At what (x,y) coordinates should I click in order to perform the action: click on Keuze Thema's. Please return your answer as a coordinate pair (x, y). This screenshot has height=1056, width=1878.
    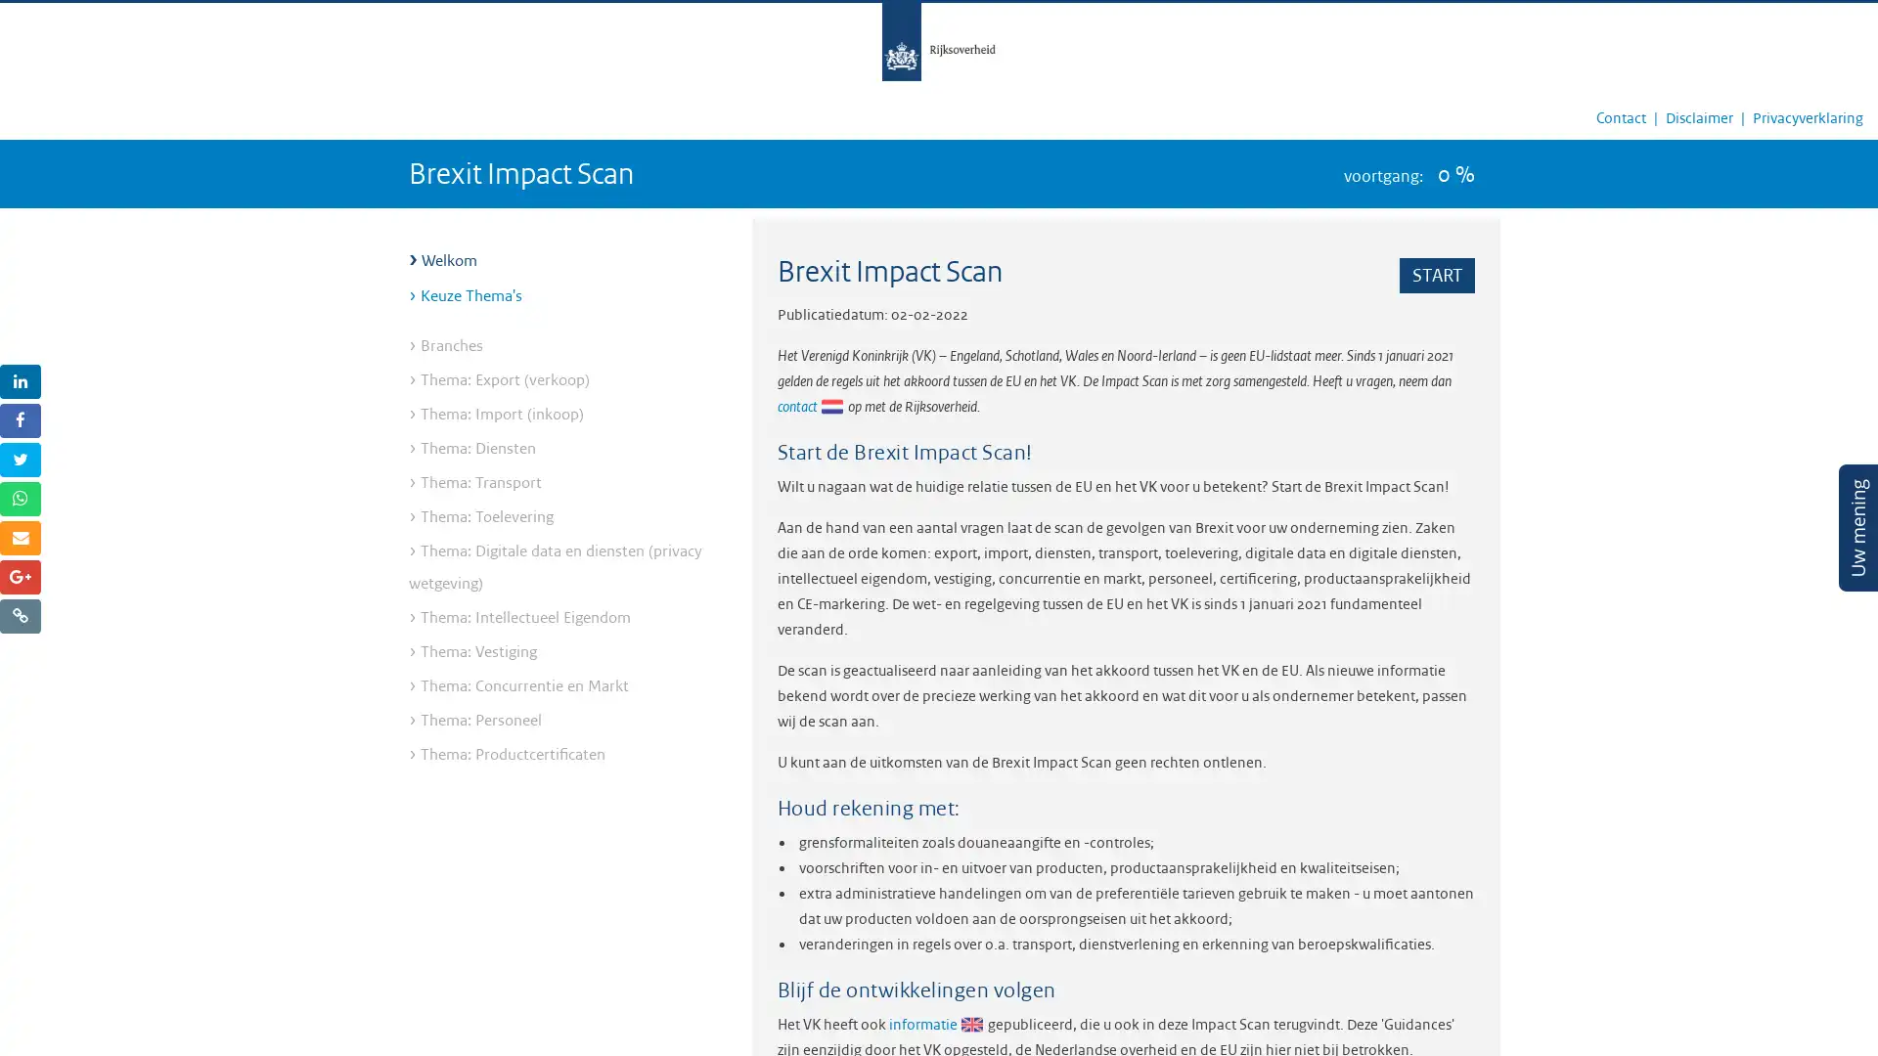
    Looking at the image, I should click on (562, 295).